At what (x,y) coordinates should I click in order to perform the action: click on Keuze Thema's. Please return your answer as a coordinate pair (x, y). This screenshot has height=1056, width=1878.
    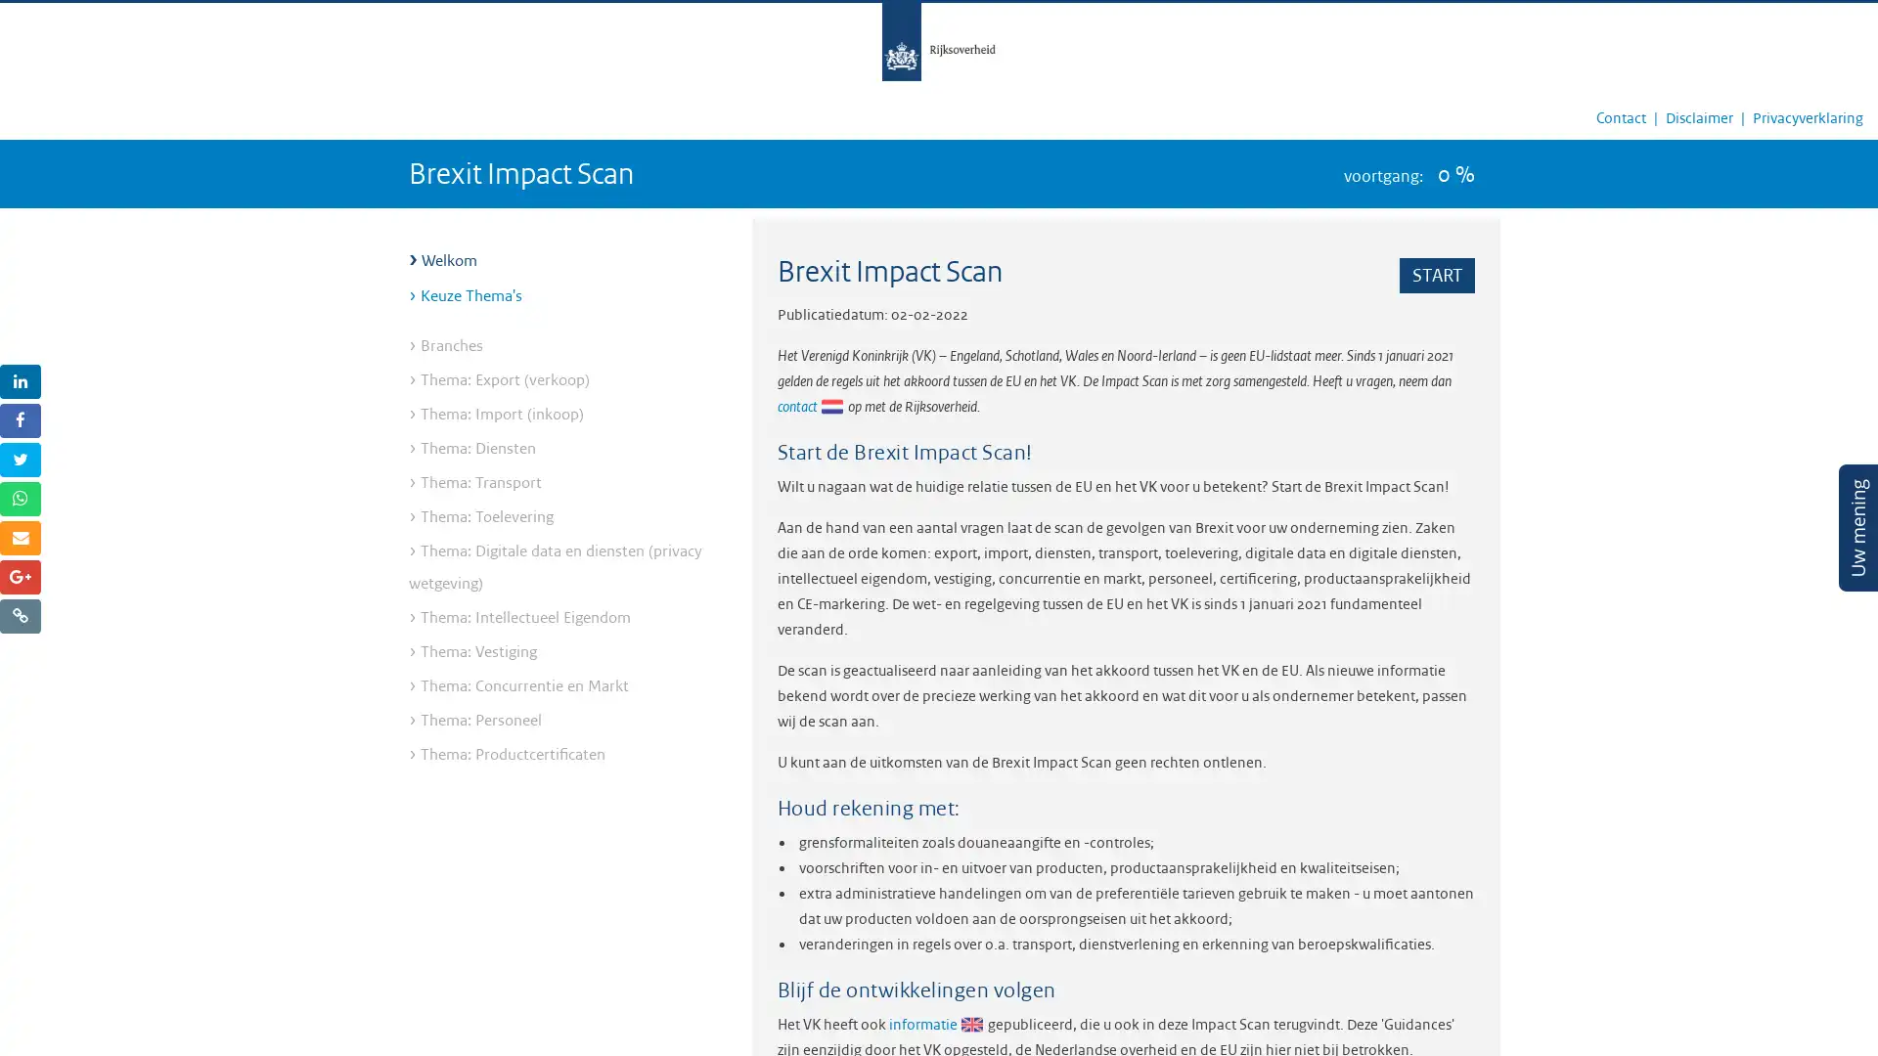
    Looking at the image, I should click on (562, 295).